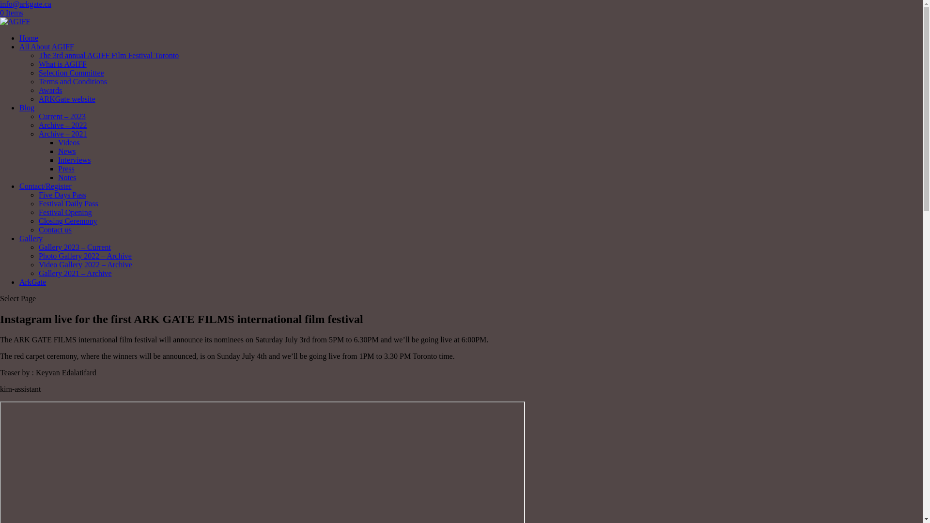  Describe the element at coordinates (25, 4) in the screenshot. I see `'info@arkgate.ca'` at that location.